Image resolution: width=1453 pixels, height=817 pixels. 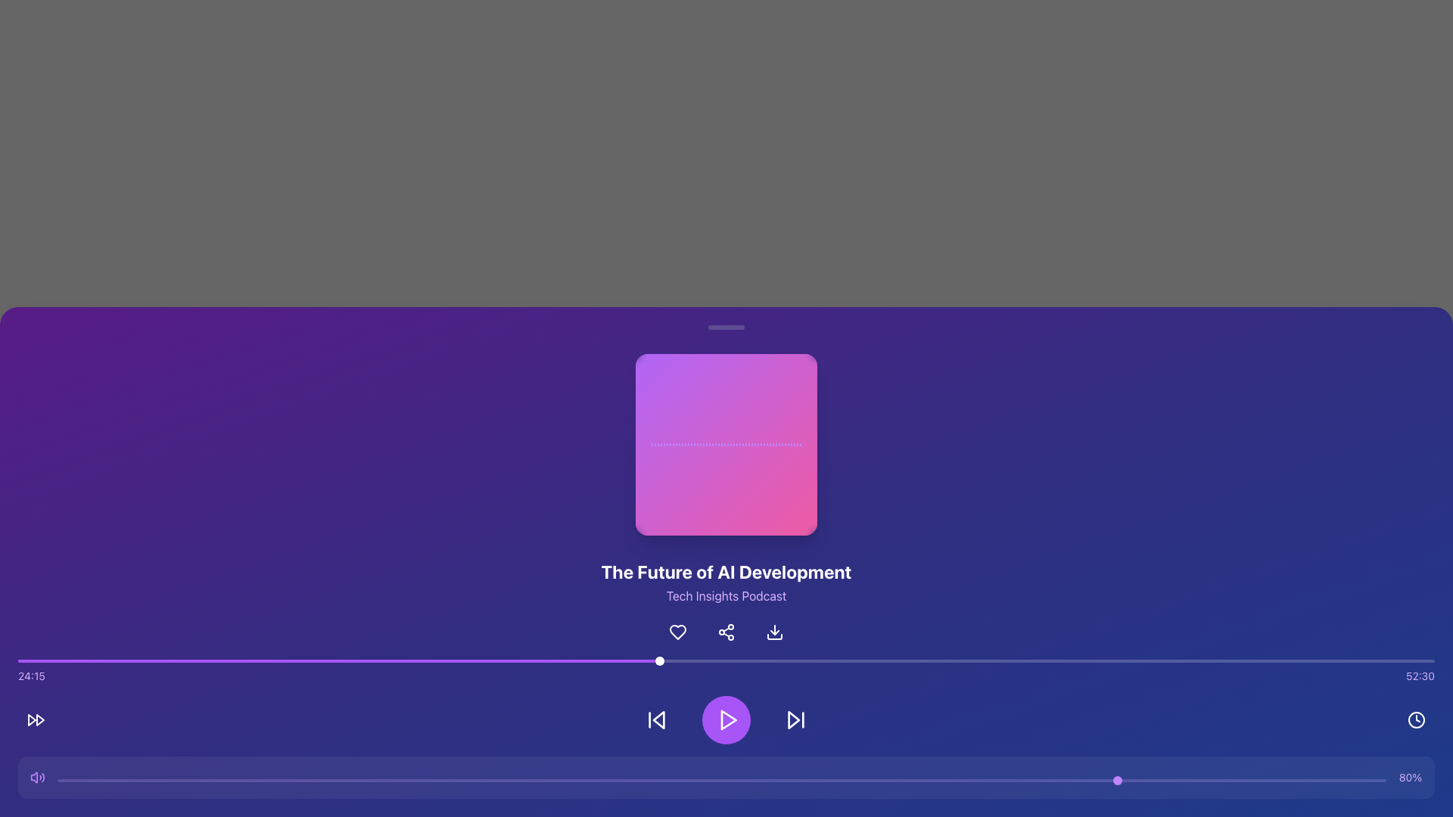 What do you see at coordinates (677, 632) in the screenshot?
I see `the 'like' button, which is the first icon in a horizontal row of three, located below the title 'The Future of AI Development' and the subtitle 'Tech Insights Podcast'` at bounding box center [677, 632].